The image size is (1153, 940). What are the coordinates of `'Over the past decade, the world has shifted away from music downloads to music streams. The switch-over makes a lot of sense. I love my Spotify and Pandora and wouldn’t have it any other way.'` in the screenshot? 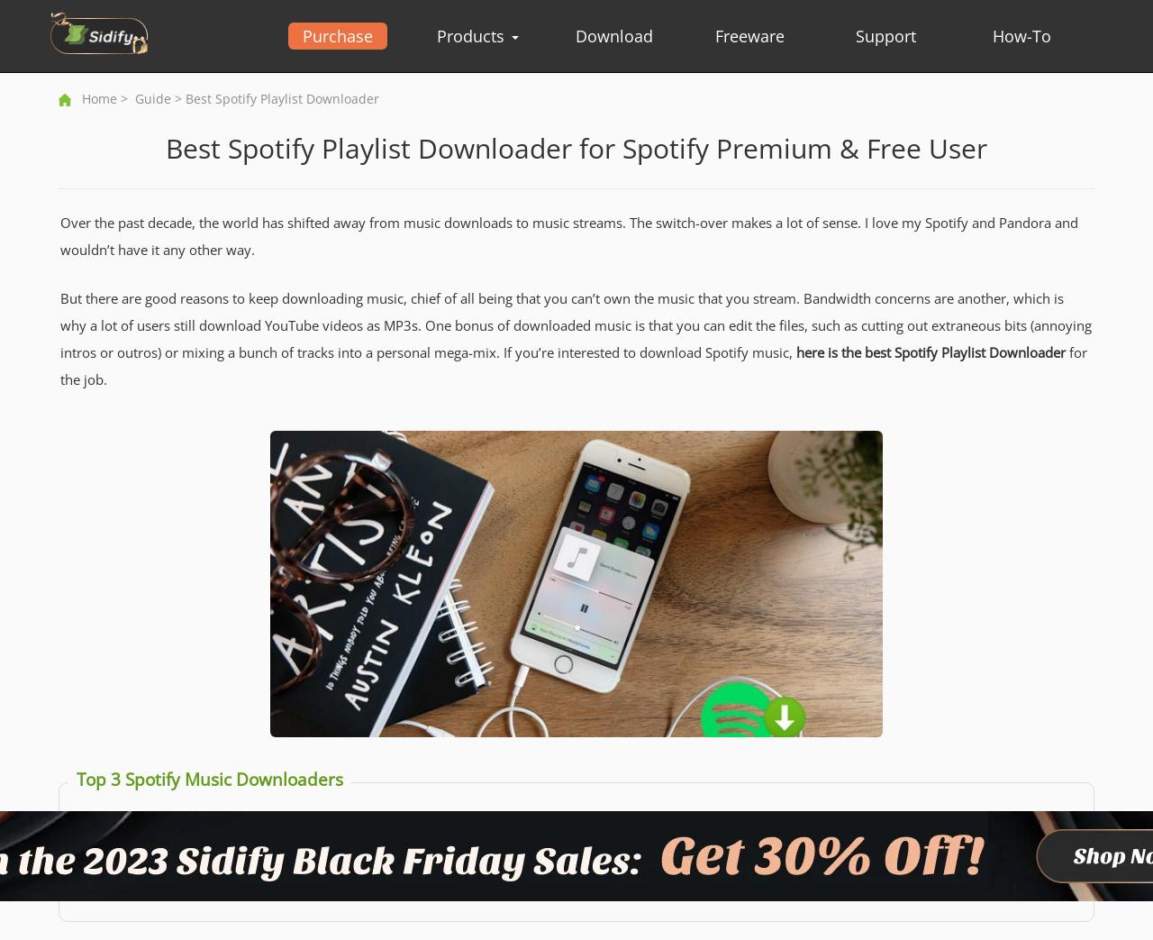 It's located at (59, 236).